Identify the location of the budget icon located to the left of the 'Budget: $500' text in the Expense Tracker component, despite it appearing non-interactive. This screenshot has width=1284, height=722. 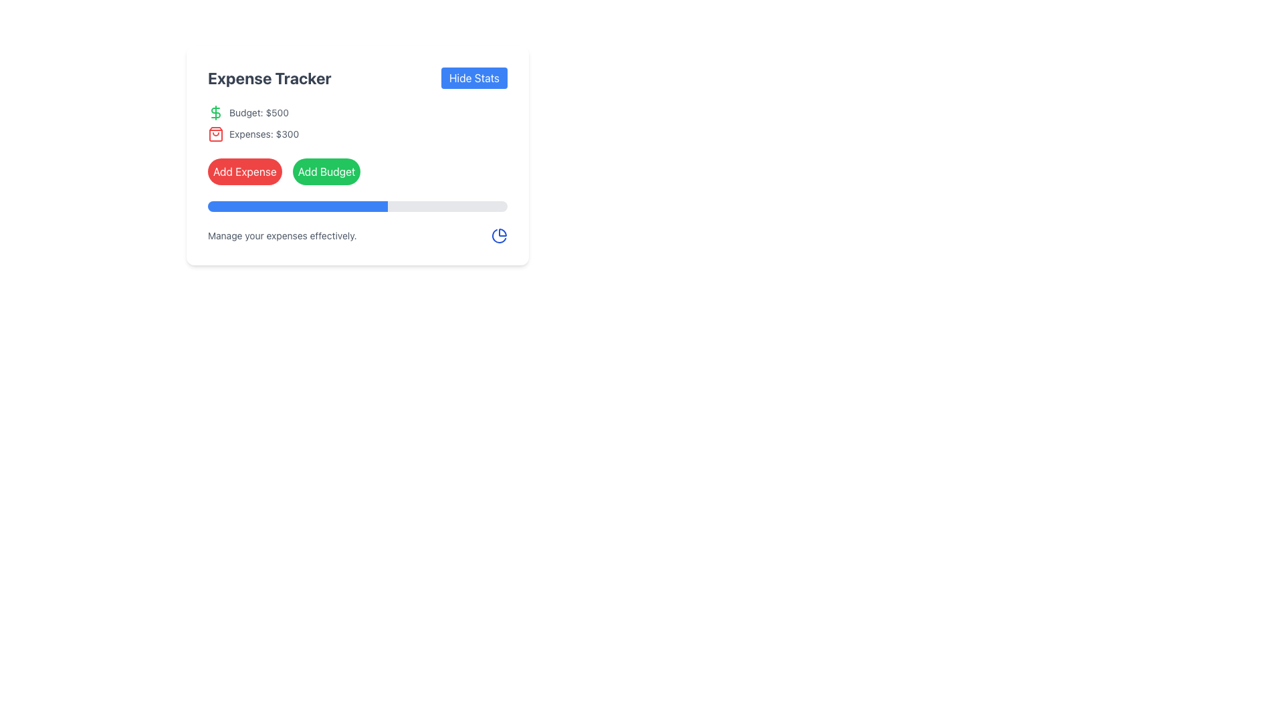
(215, 112).